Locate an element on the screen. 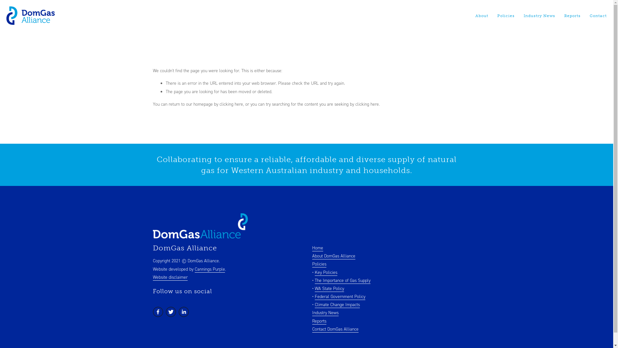 This screenshot has height=348, width=618. 'Website disclaimer' is located at coordinates (170, 277).